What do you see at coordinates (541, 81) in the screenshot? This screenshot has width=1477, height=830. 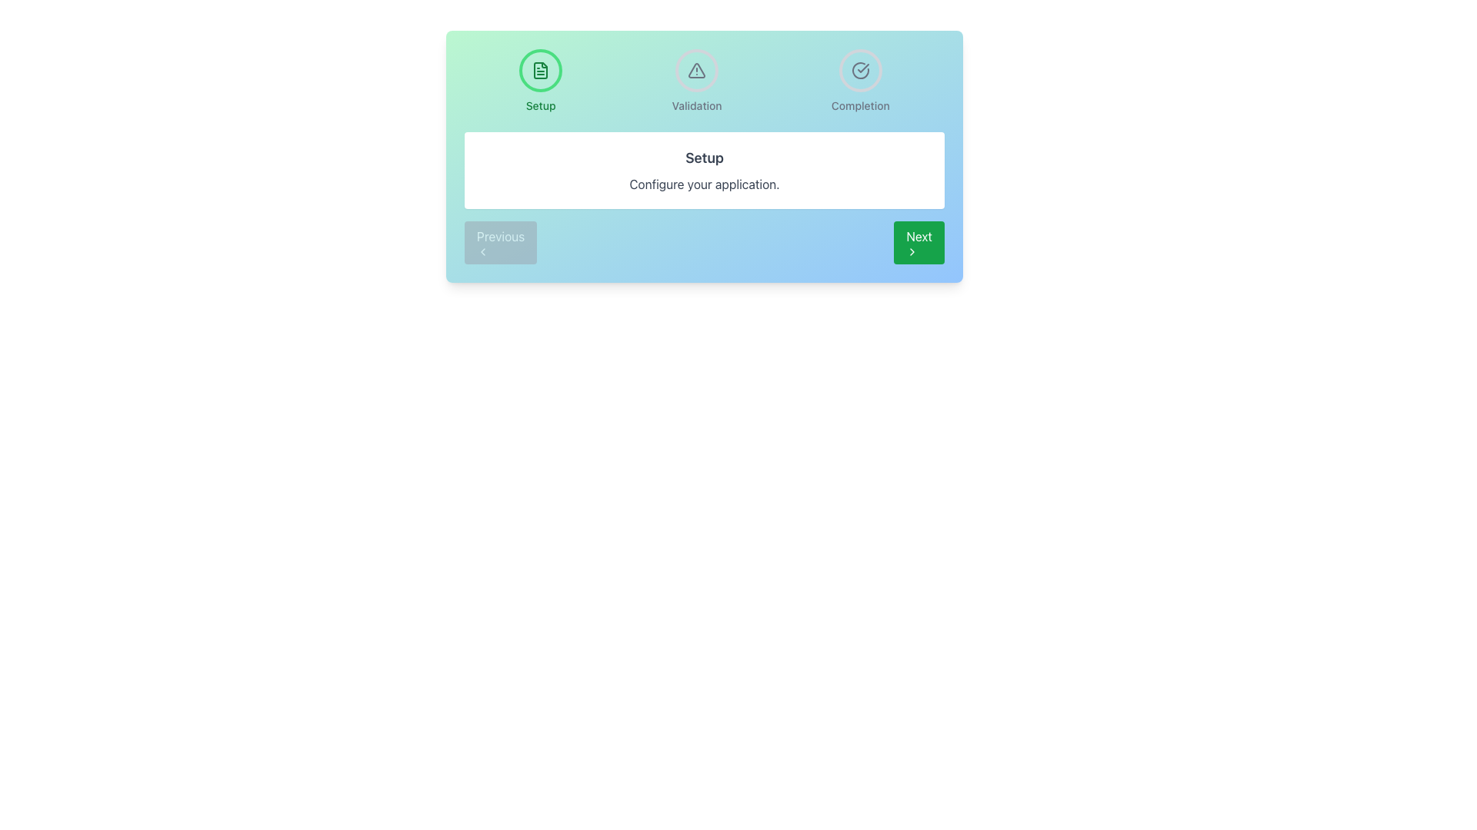 I see `the status updates by focusing on the first icon labeled 'Setup' in the row of three elements at the top of the page` at bounding box center [541, 81].